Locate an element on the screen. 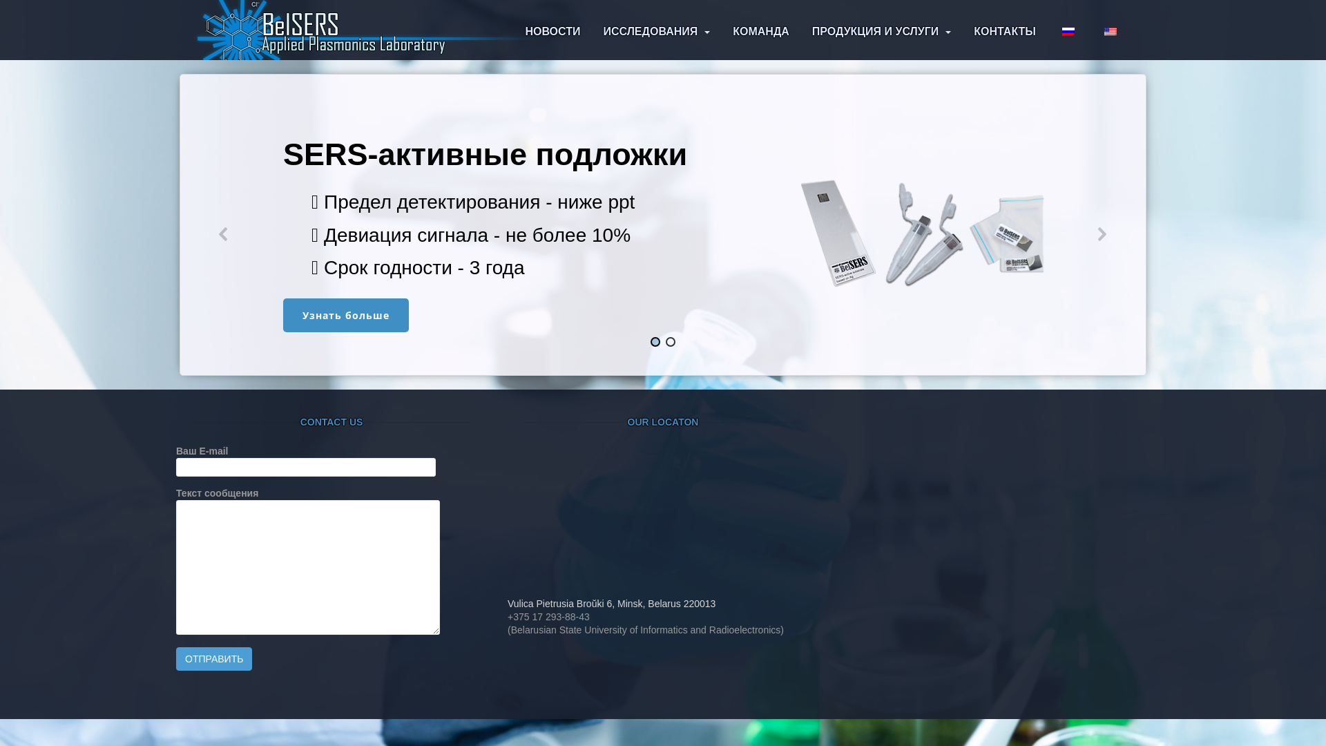 This screenshot has width=1326, height=746. 'English' is located at coordinates (1103, 31).